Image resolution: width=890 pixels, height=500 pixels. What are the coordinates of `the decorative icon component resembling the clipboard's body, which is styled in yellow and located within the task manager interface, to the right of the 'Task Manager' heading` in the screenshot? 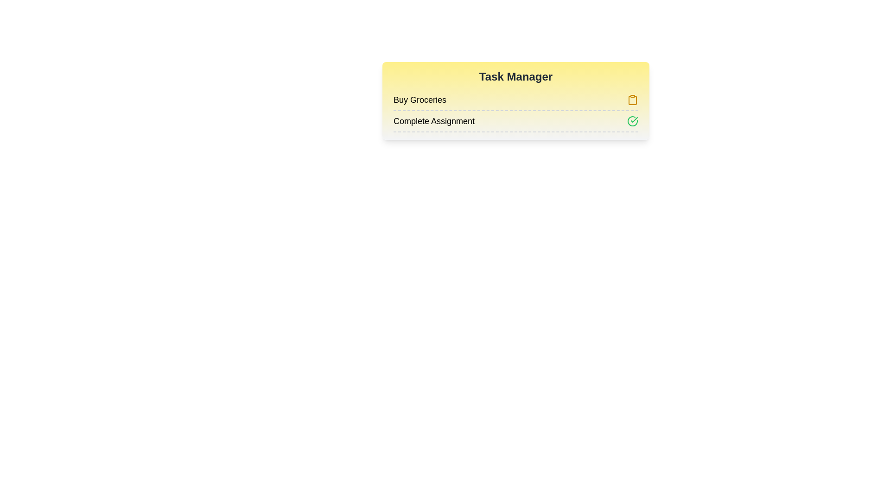 It's located at (632, 100).